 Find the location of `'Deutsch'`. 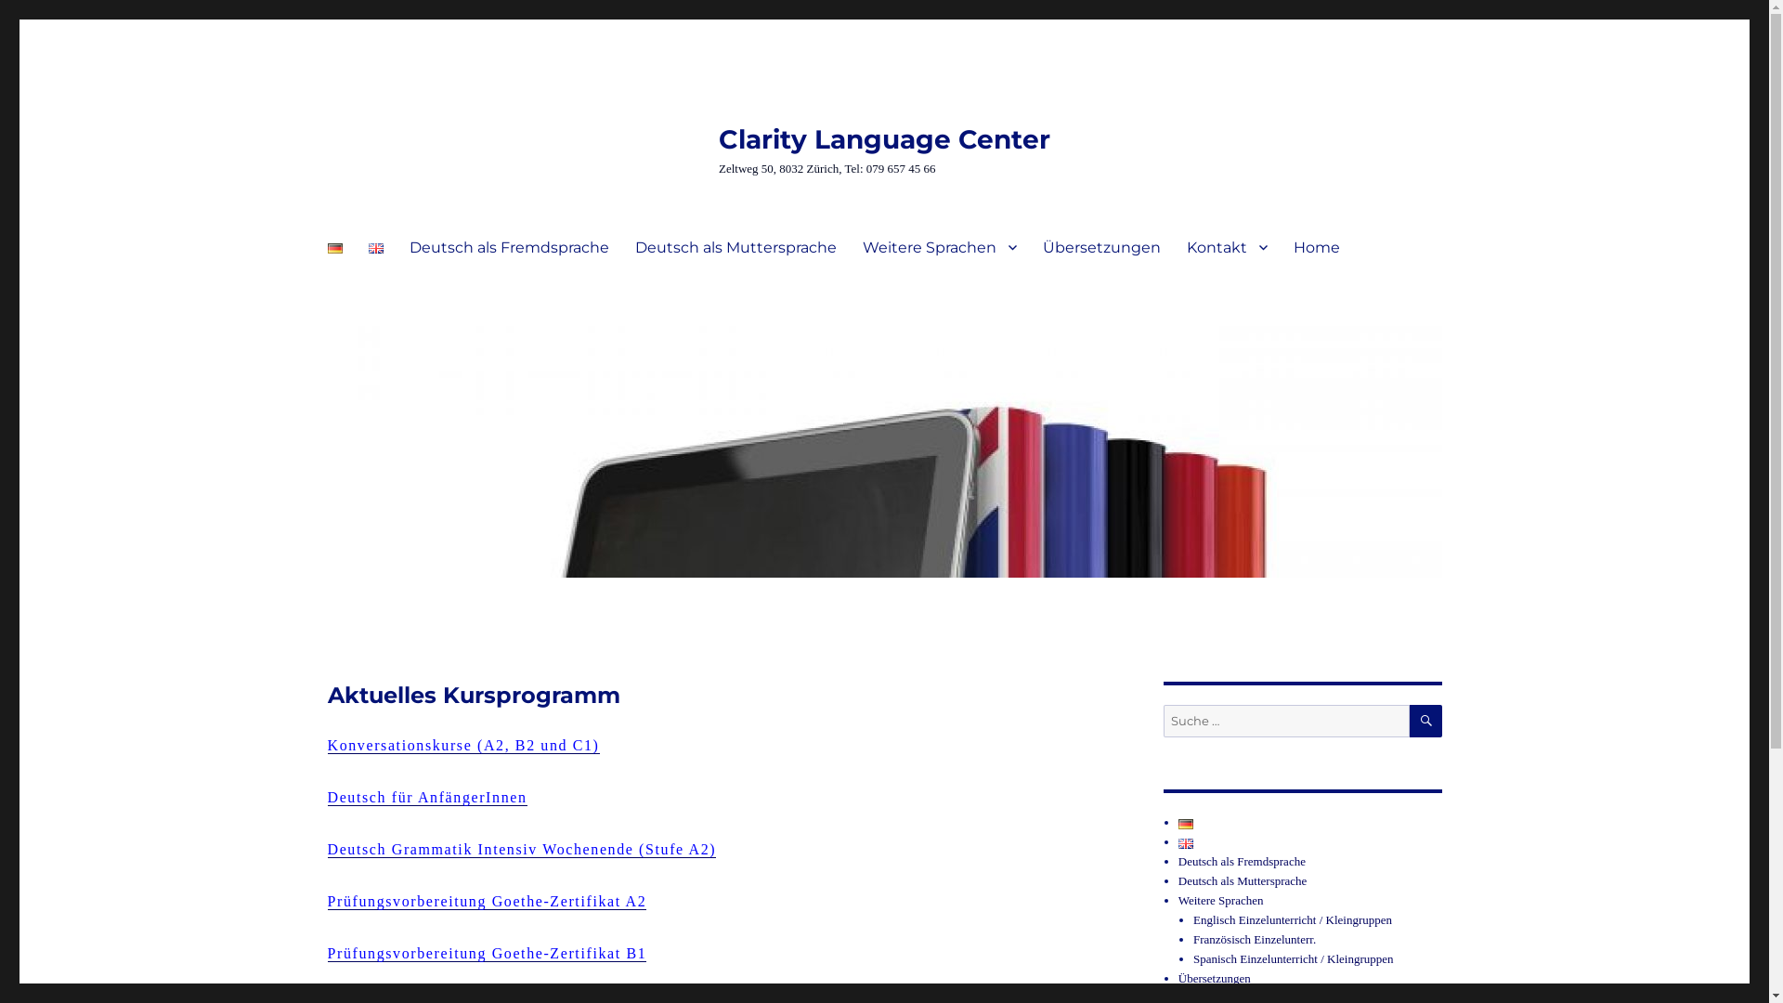

'Deutsch' is located at coordinates (334, 247).